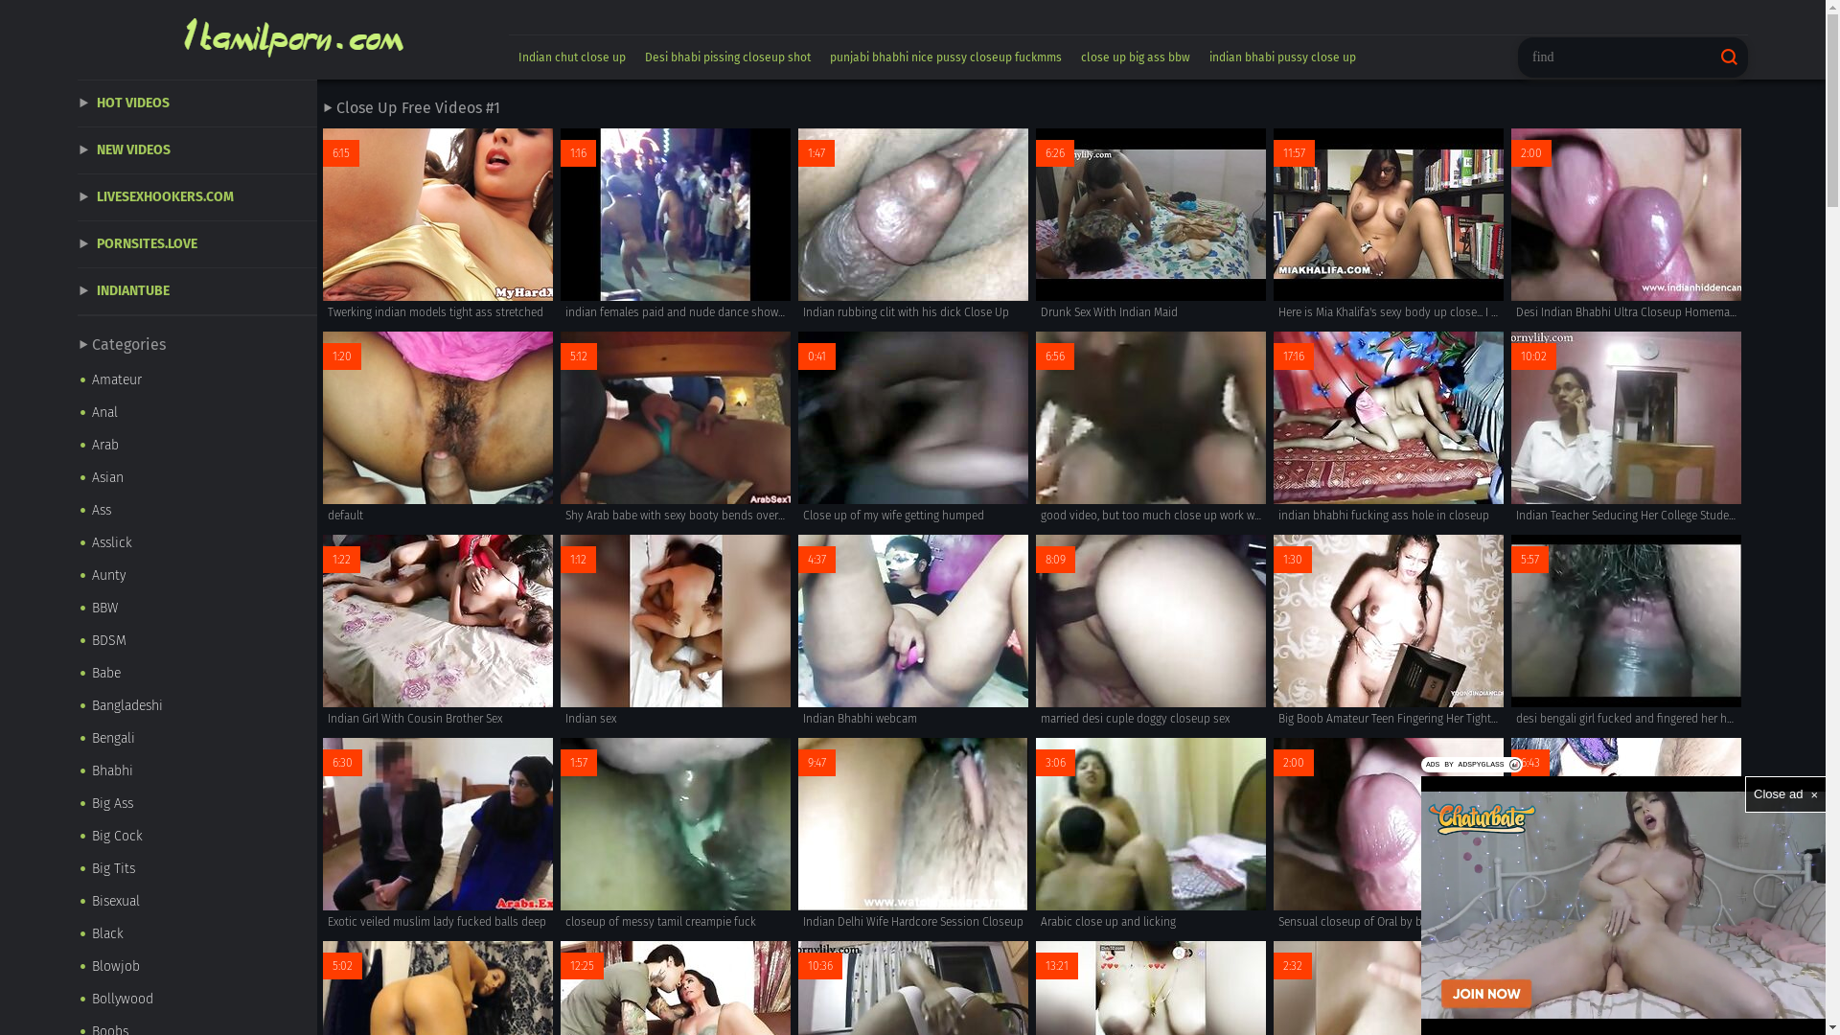 The image size is (1840, 1035). Describe the element at coordinates (912, 632) in the screenshot. I see `'4:37` at that location.